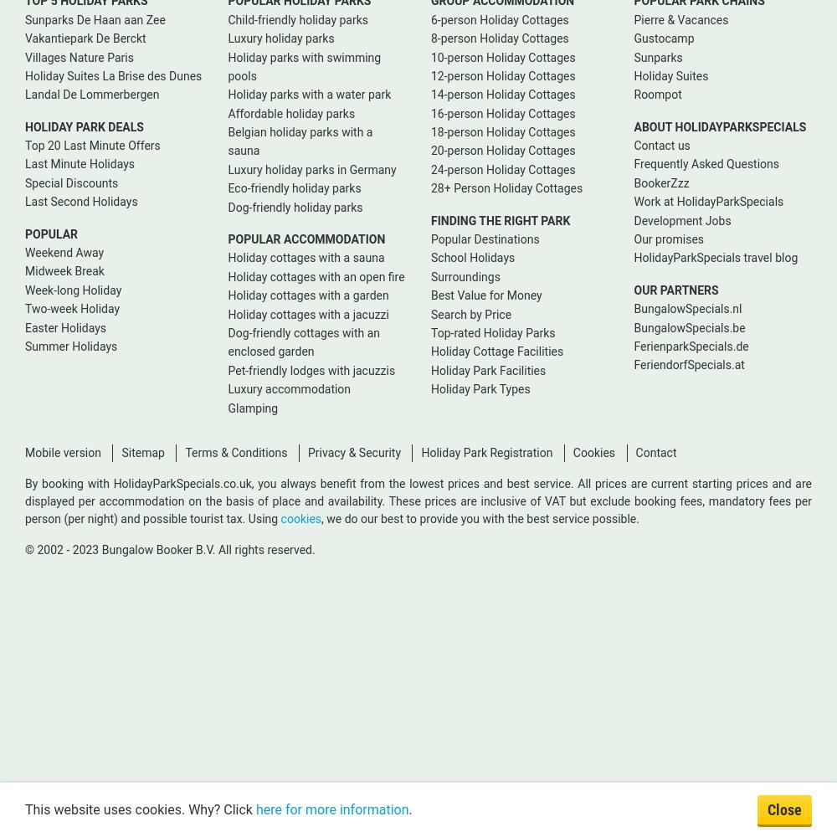 This screenshot has height=837, width=837. What do you see at coordinates (78, 56) in the screenshot?
I see `'Villages Nature Paris'` at bounding box center [78, 56].